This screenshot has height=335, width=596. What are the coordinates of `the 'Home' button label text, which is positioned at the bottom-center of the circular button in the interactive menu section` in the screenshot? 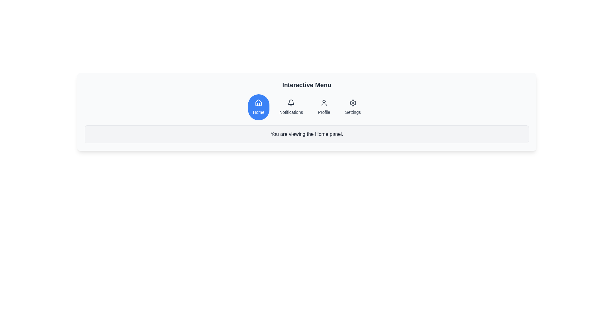 It's located at (259, 112).